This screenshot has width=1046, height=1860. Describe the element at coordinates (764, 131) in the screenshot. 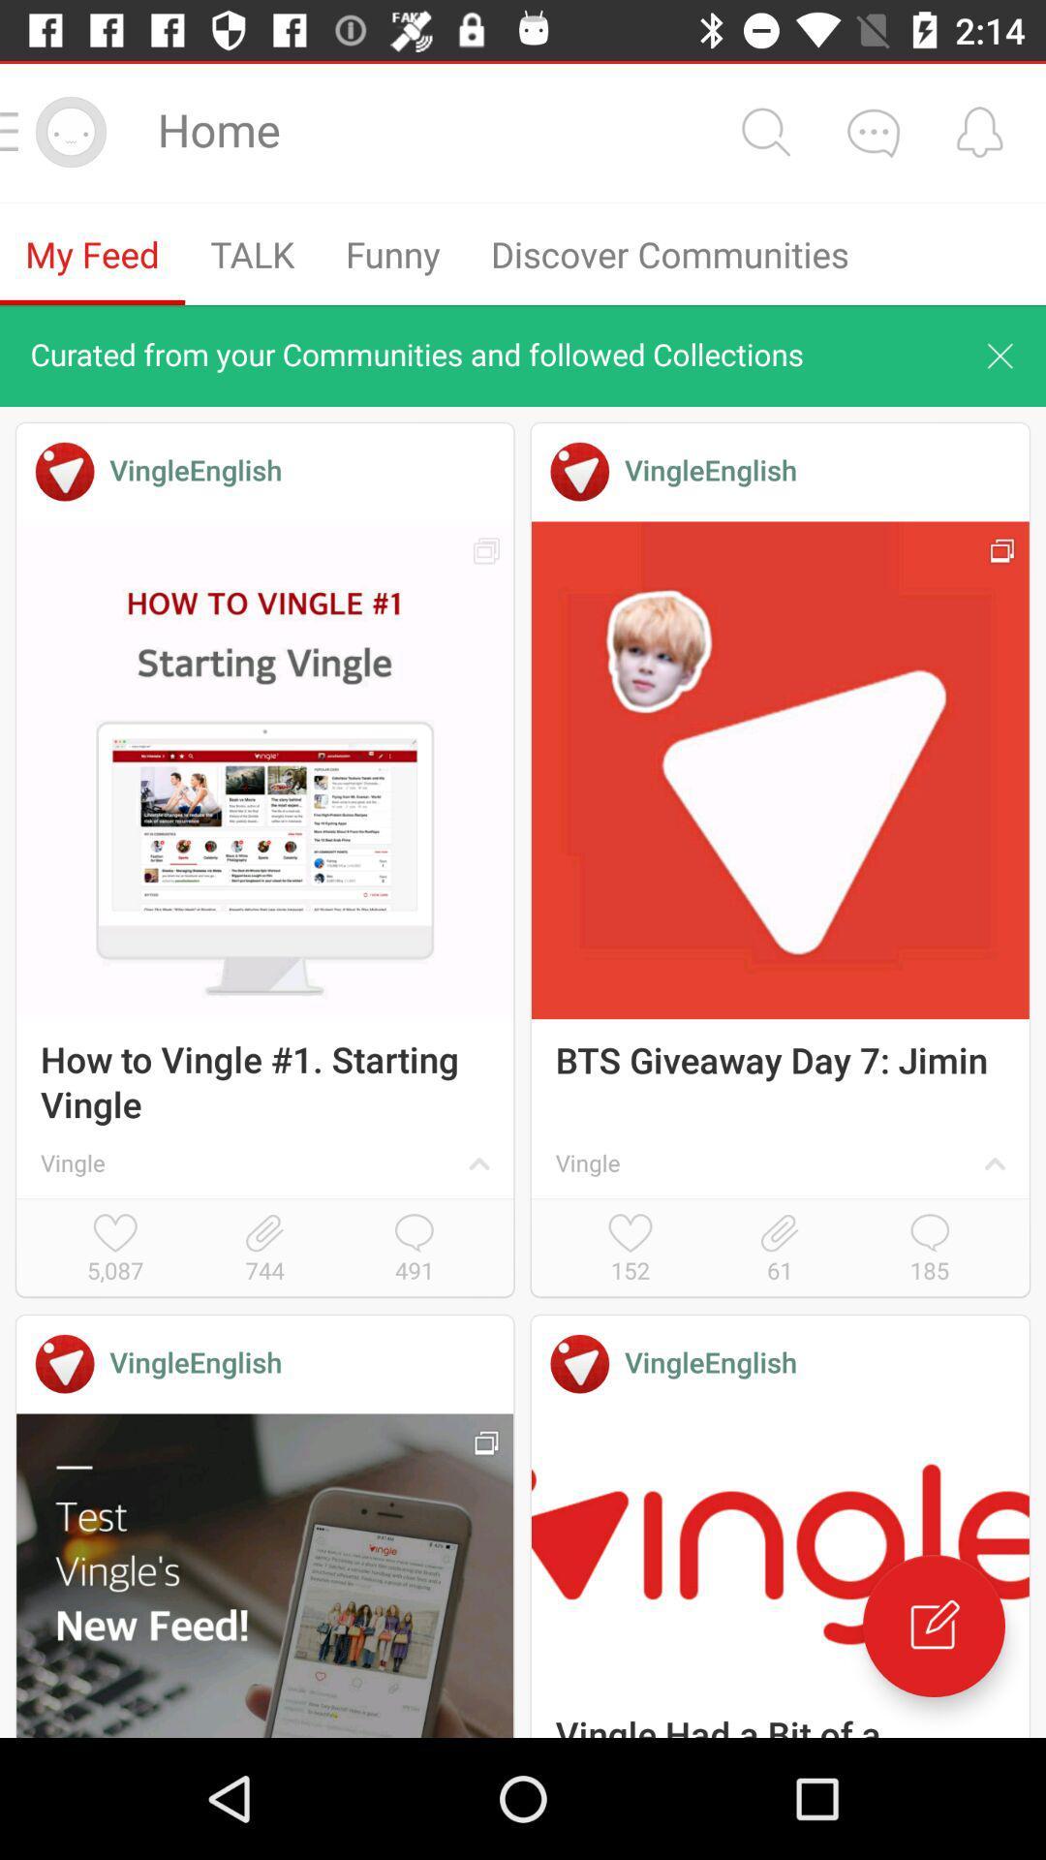

I see `search option` at that location.